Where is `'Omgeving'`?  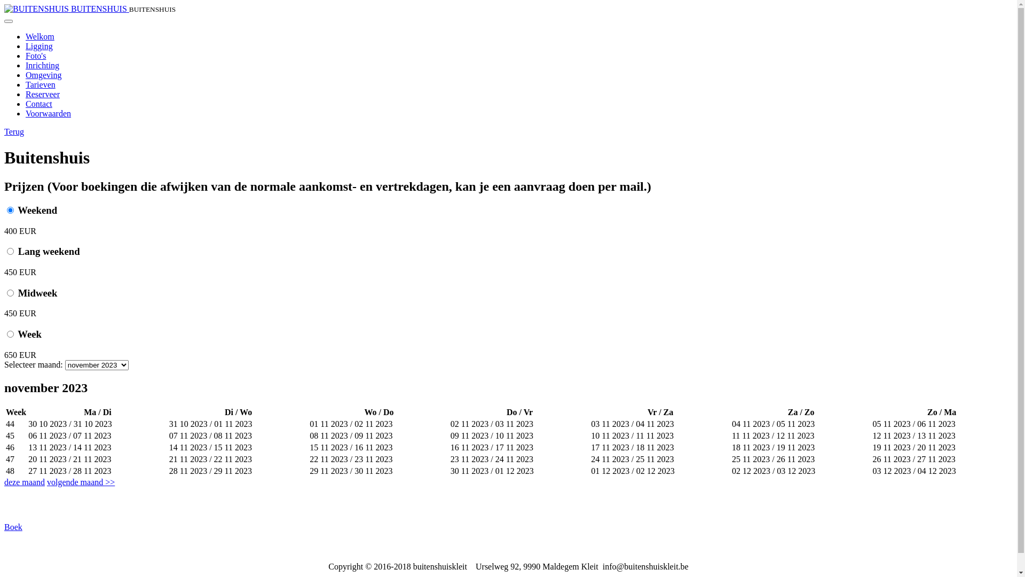 'Omgeving' is located at coordinates (43, 74).